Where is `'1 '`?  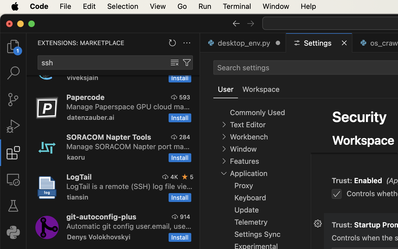
'1 ' is located at coordinates (13, 152).